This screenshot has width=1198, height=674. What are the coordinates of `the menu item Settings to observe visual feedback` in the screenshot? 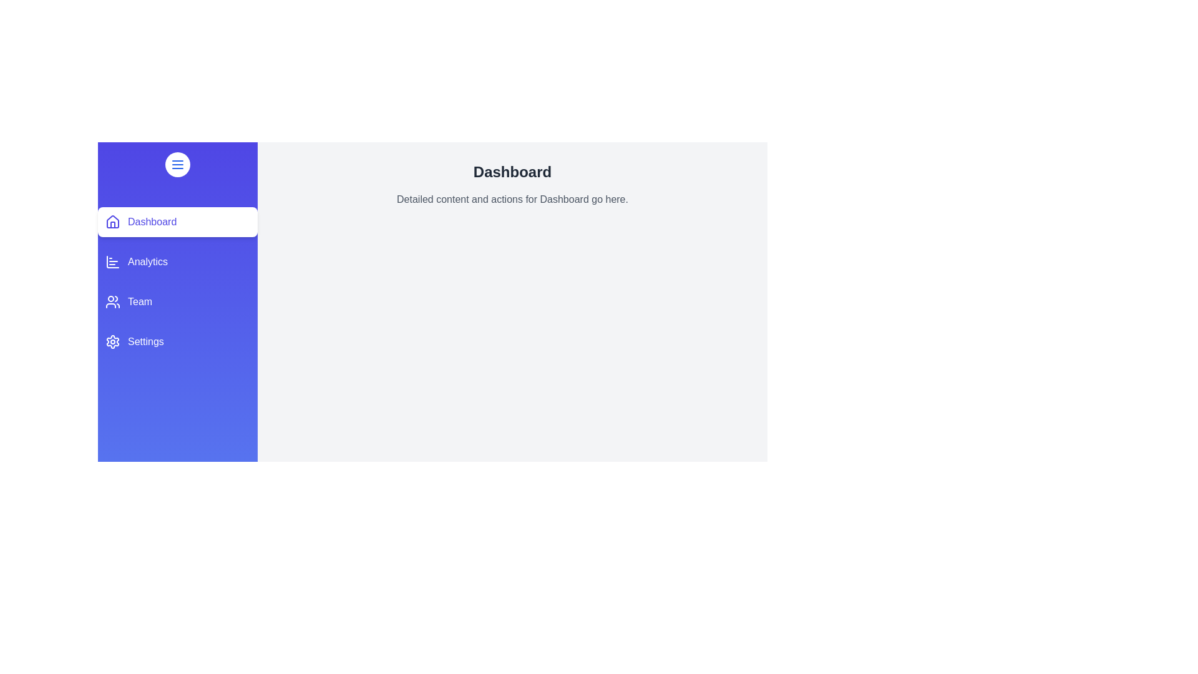 It's located at (177, 341).